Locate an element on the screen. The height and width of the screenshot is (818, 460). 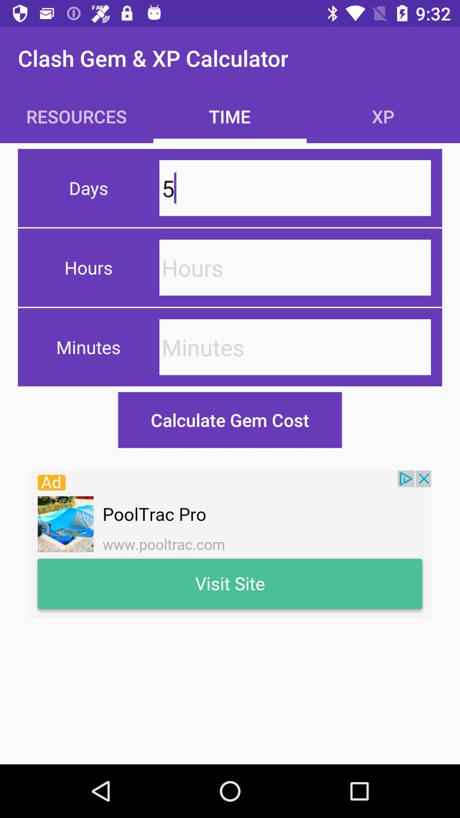
minutes is located at coordinates (295, 347).